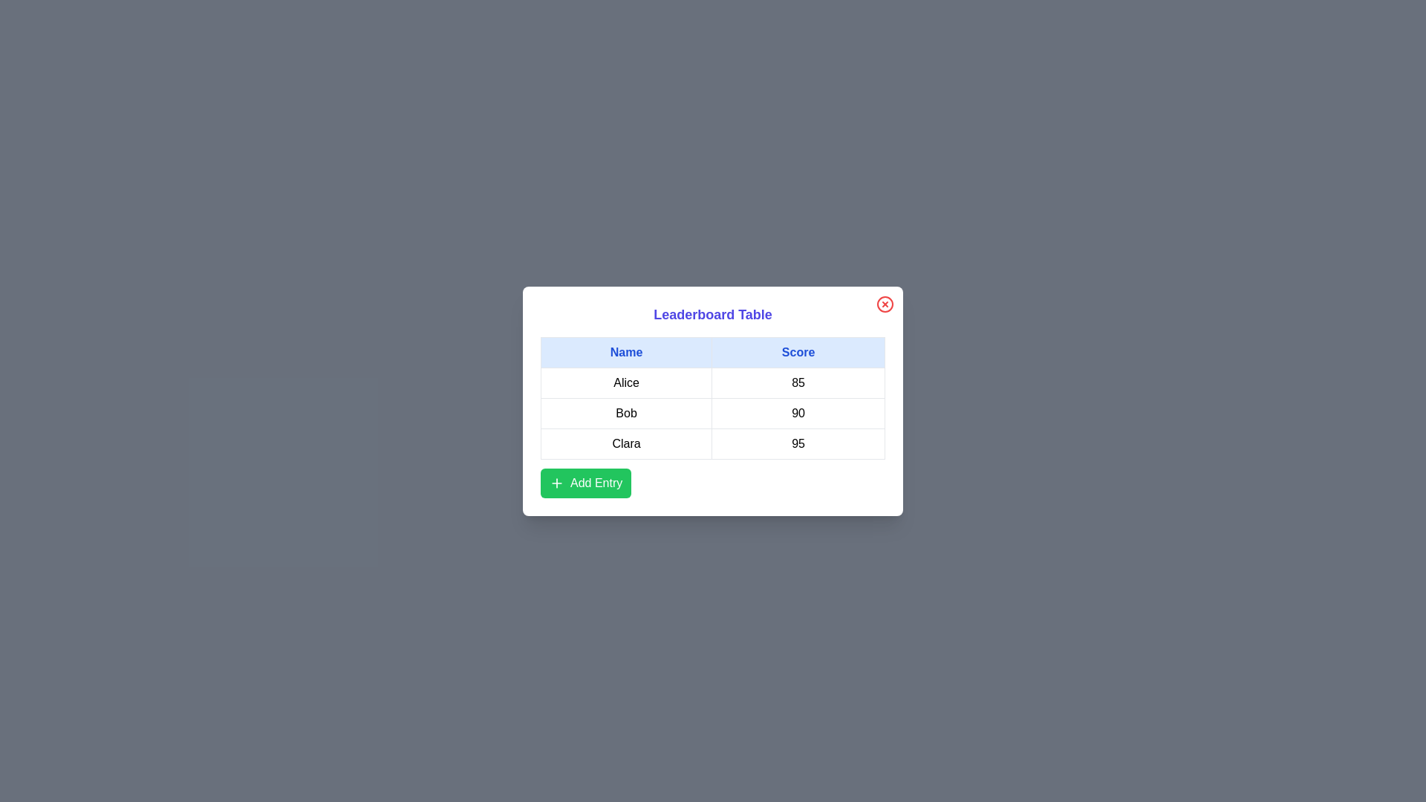  I want to click on close button (red X) to close the dialog, so click(885, 303).